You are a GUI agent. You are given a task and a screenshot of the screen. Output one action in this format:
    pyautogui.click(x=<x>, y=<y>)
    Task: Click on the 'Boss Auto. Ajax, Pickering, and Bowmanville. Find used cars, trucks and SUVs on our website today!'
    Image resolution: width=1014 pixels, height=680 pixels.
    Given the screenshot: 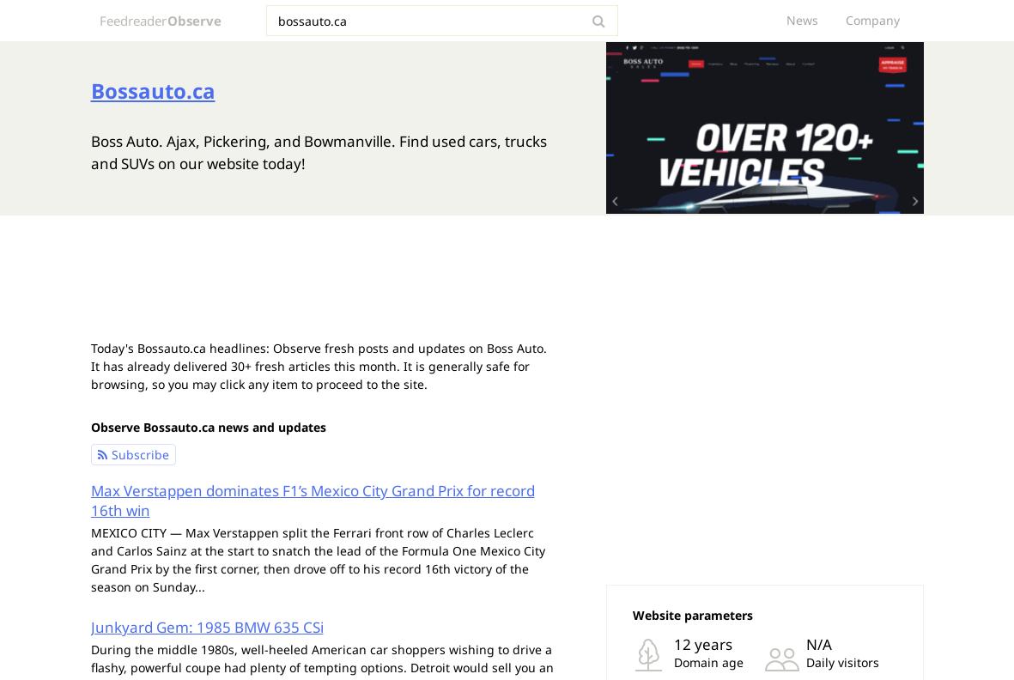 What is the action you would take?
    pyautogui.click(x=318, y=152)
    